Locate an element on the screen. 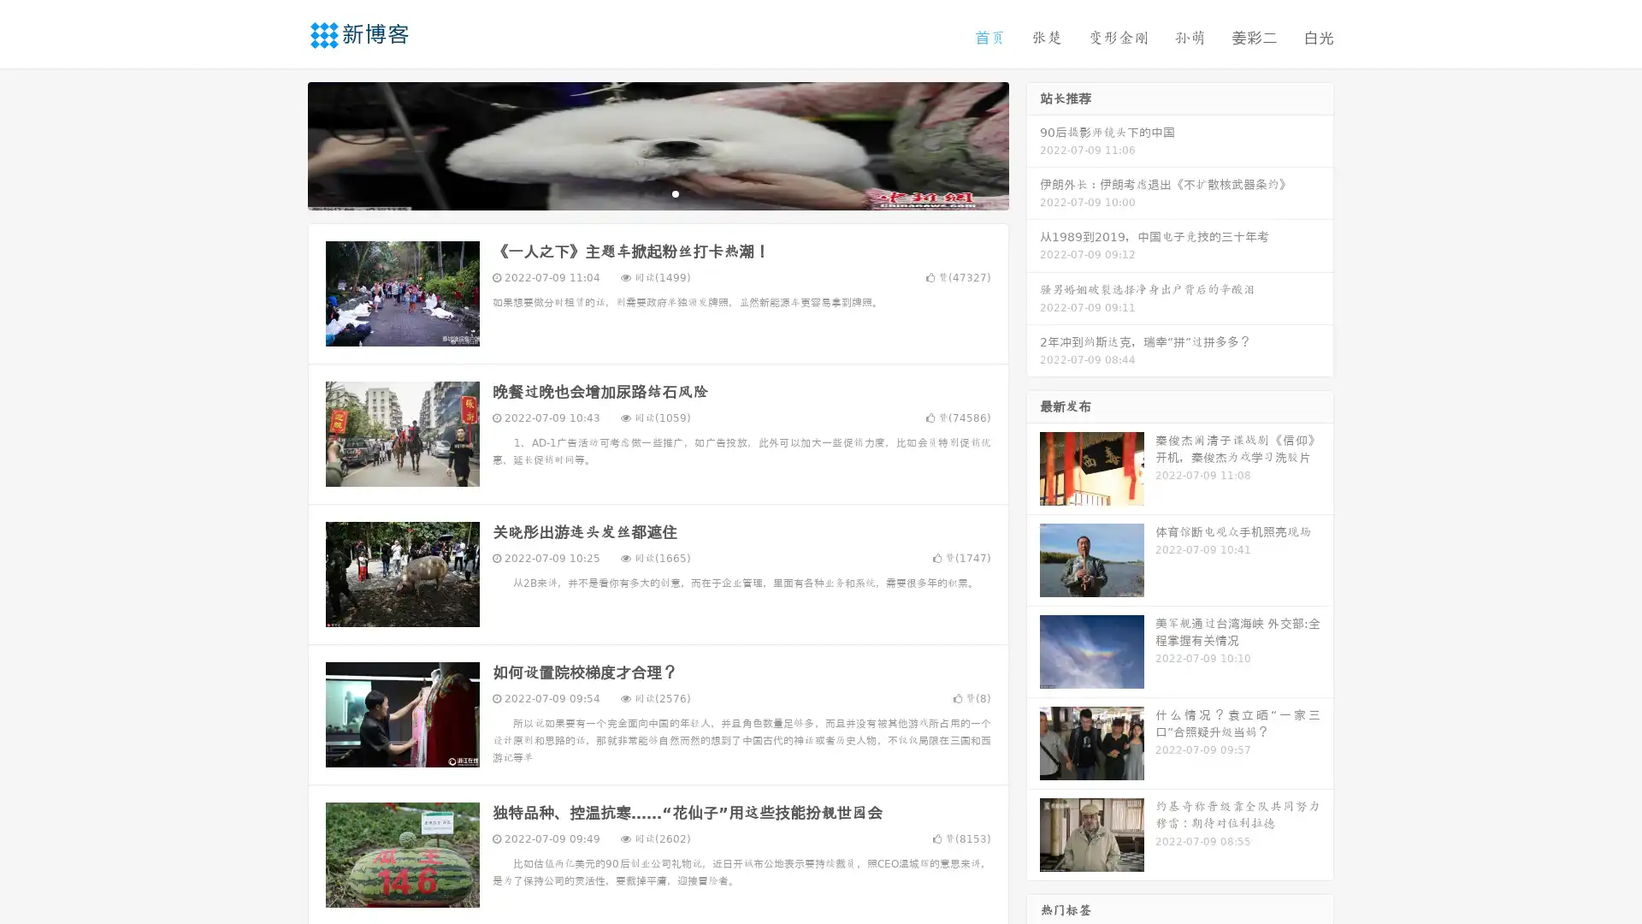  Previous slide is located at coordinates (282, 144).